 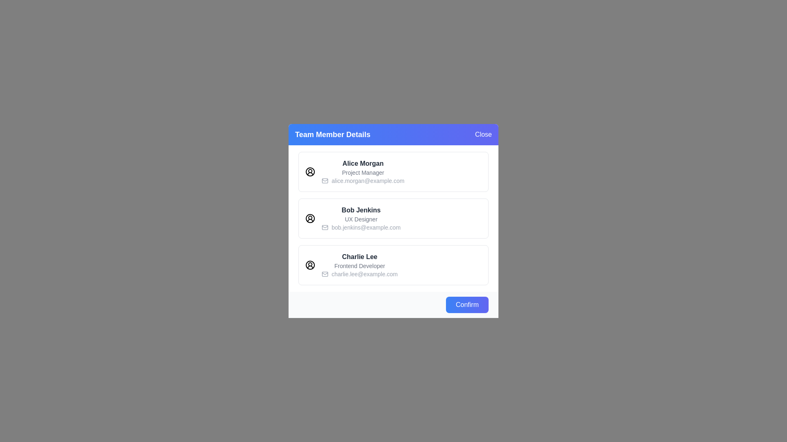 I want to click on the largest circle icon representing the user profile for Charlie Lee, Frontend Developer, located in the third section under the 'Team Member Details' header, so click(x=310, y=265).